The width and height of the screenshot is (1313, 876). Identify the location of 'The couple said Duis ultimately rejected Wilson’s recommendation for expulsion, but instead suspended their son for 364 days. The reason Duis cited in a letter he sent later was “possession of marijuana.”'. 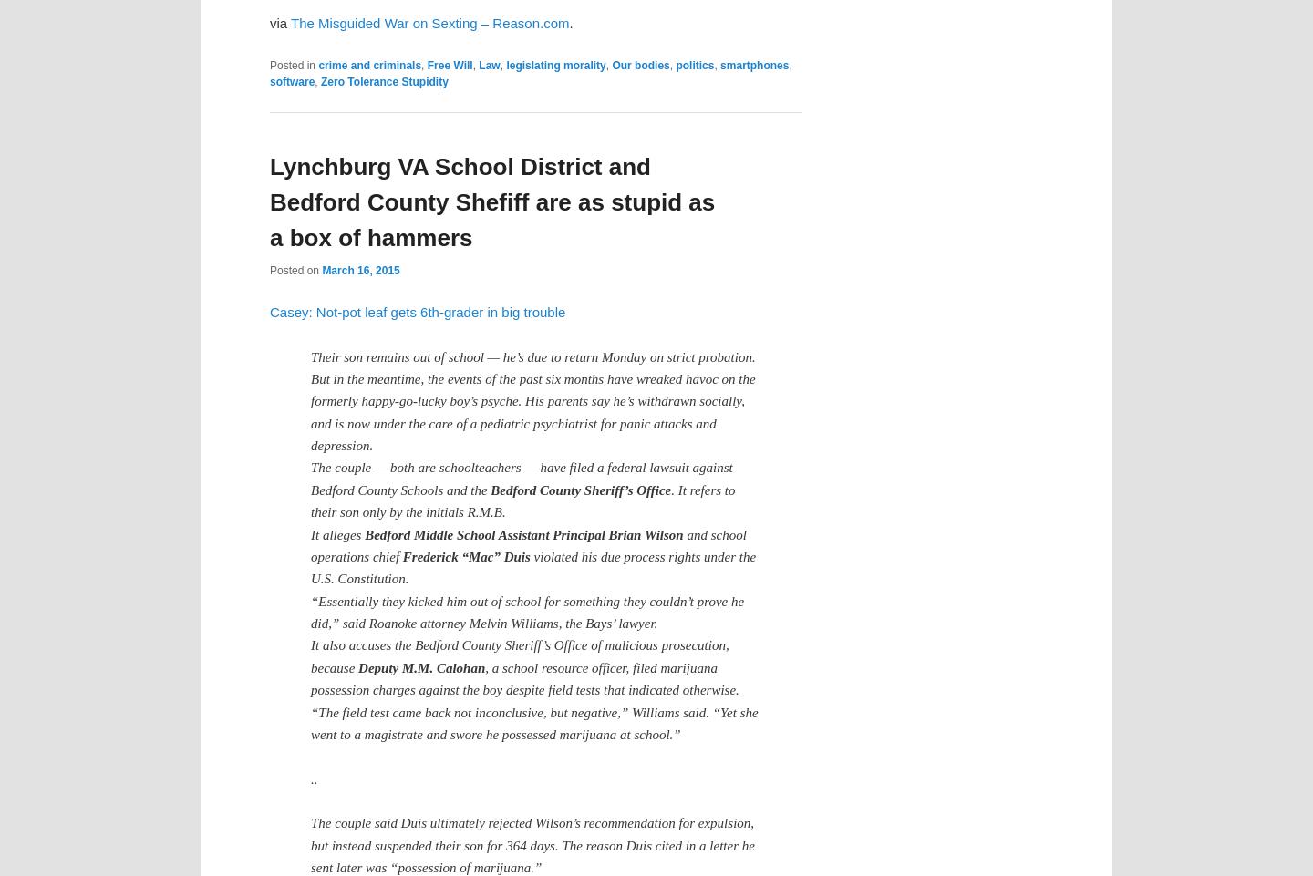
(532, 845).